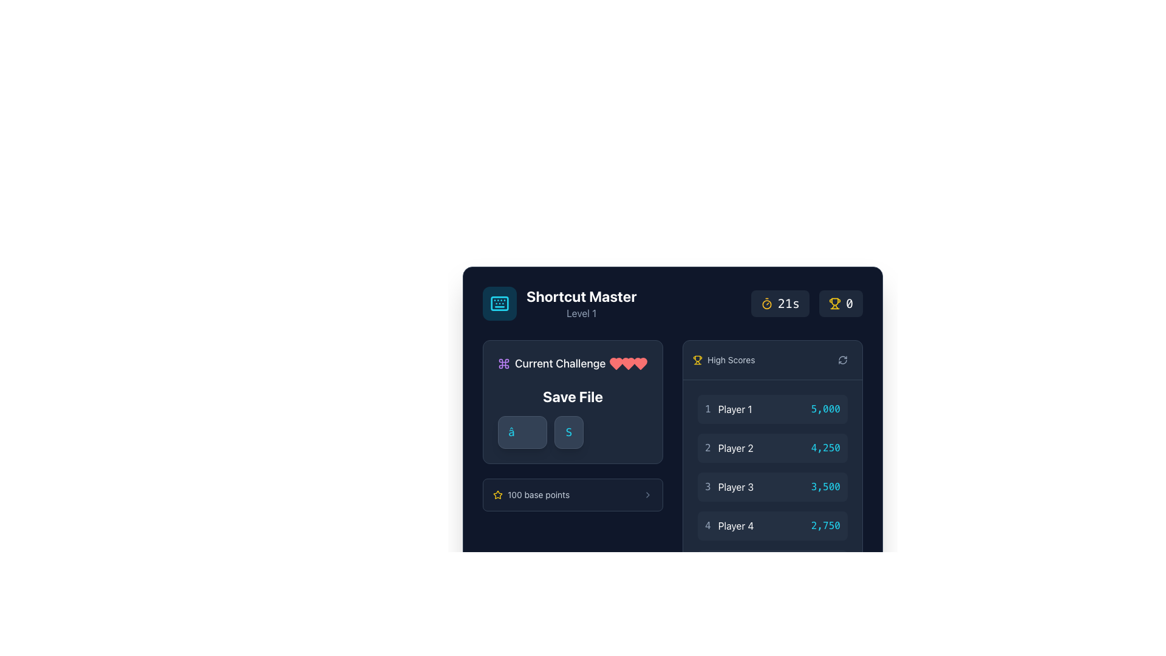 The height and width of the screenshot is (656, 1166). What do you see at coordinates (504, 363) in the screenshot?
I see `the purple command icon located to the left of the 'Current Challenge' text in the title bar of the subsection` at bounding box center [504, 363].